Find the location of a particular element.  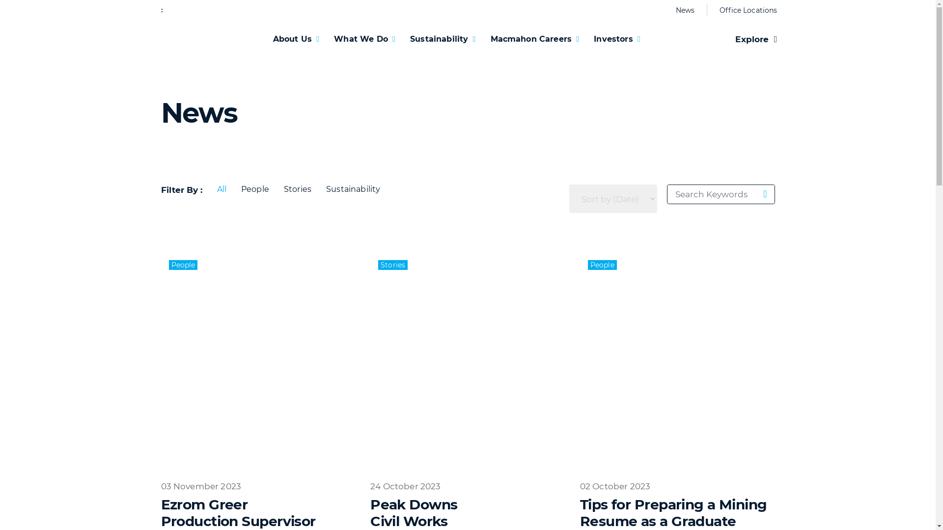

'People' is located at coordinates (233, 189).